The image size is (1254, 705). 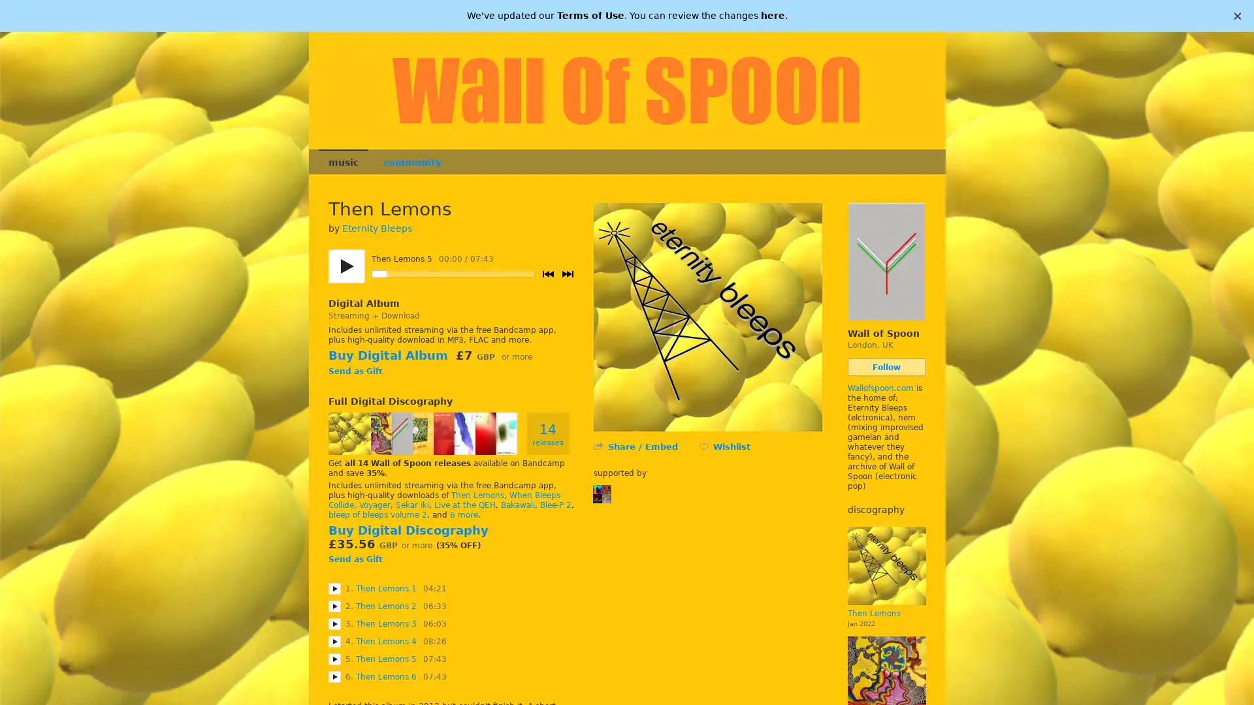 I want to click on Play Then Lemons 2, so click(x=334, y=606).